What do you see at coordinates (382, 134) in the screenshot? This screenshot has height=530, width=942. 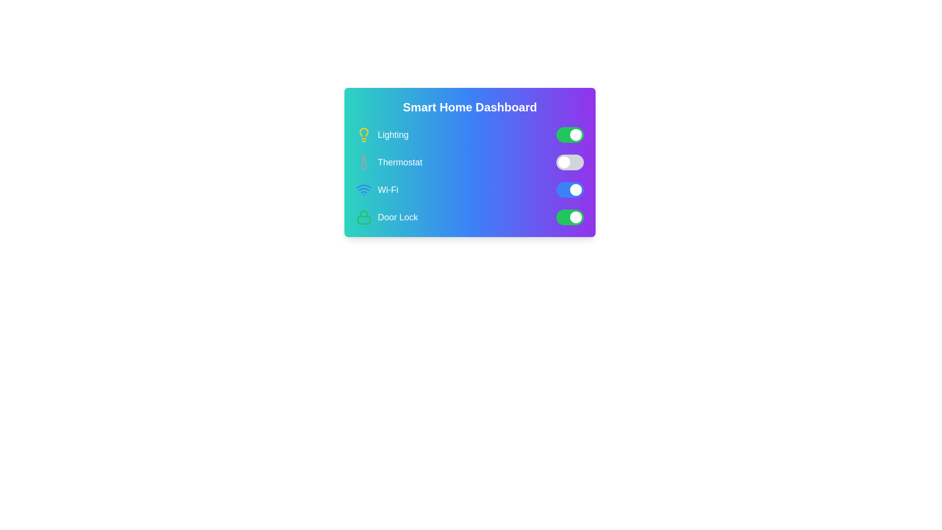 I see `label text of the lighting functionality component in the Smart Home Dashboard, which is represented by a composite UI element consisting of a label and an icon, located in the first row of a vertically oriented list` at bounding box center [382, 134].